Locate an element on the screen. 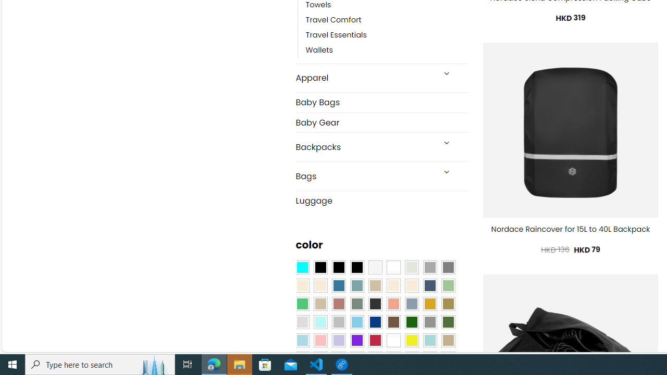  'Pearly White' is located at coordinates (375, 267).